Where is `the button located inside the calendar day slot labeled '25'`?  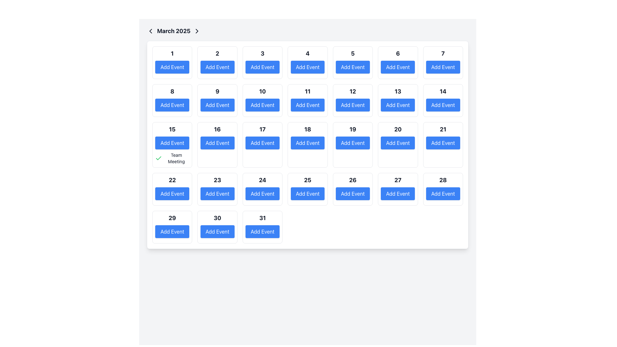 the button located inside the calendar day slot labeled '25' is located at coordinates (307, 193).